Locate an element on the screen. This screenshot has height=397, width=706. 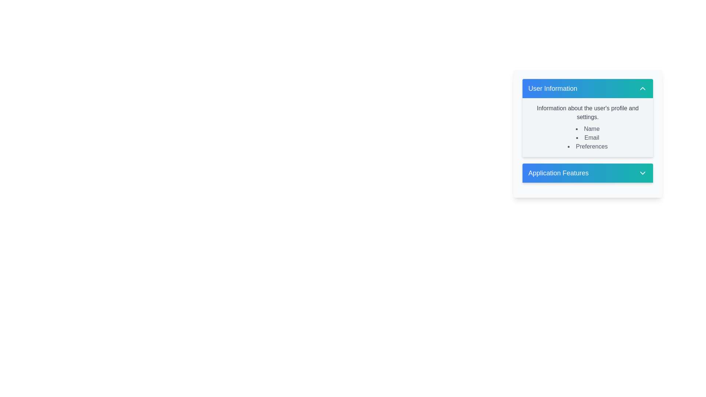
the Collapsible Header for 'Application Features' is located at coordinates (587, 173).